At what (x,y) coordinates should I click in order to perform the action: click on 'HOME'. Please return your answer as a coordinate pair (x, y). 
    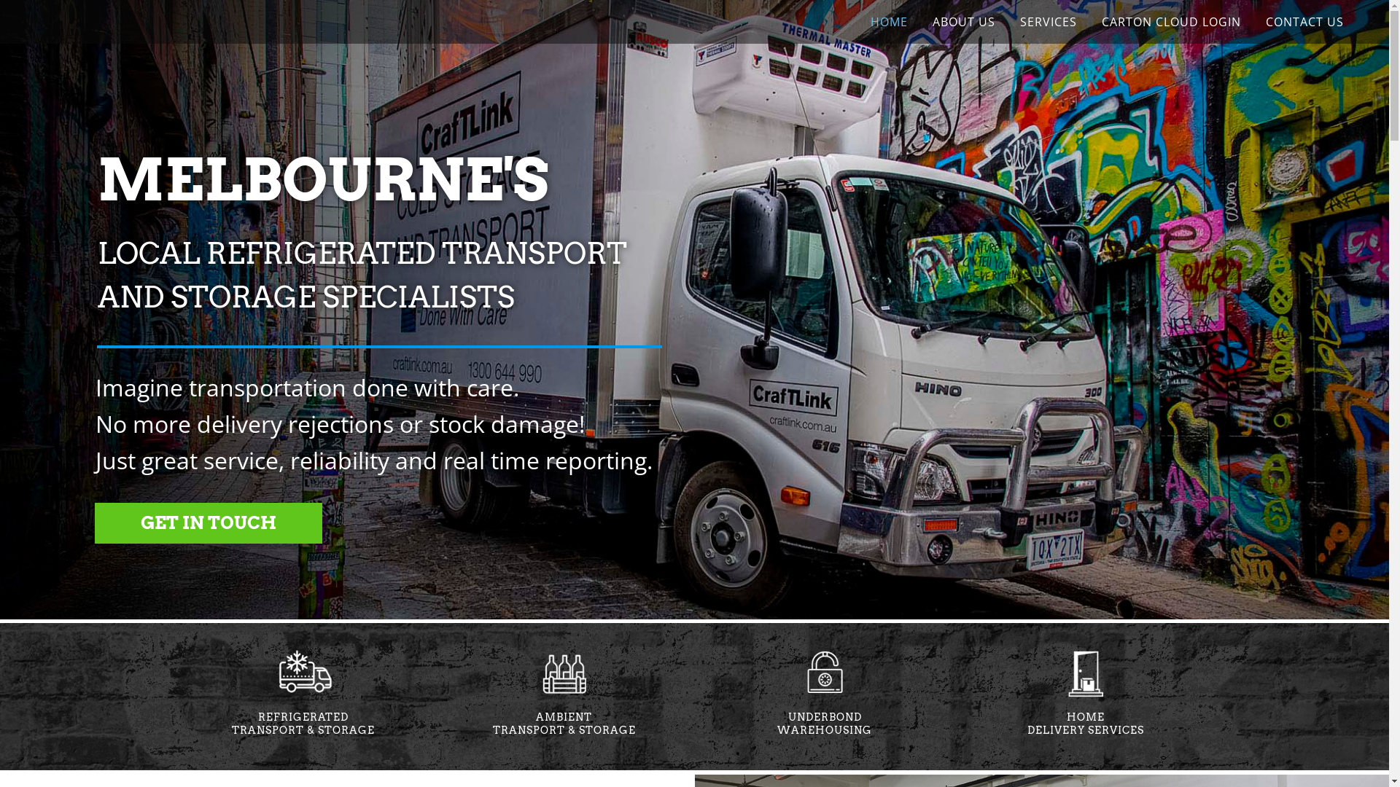
    Looking at the image, I should click on (857, 22).